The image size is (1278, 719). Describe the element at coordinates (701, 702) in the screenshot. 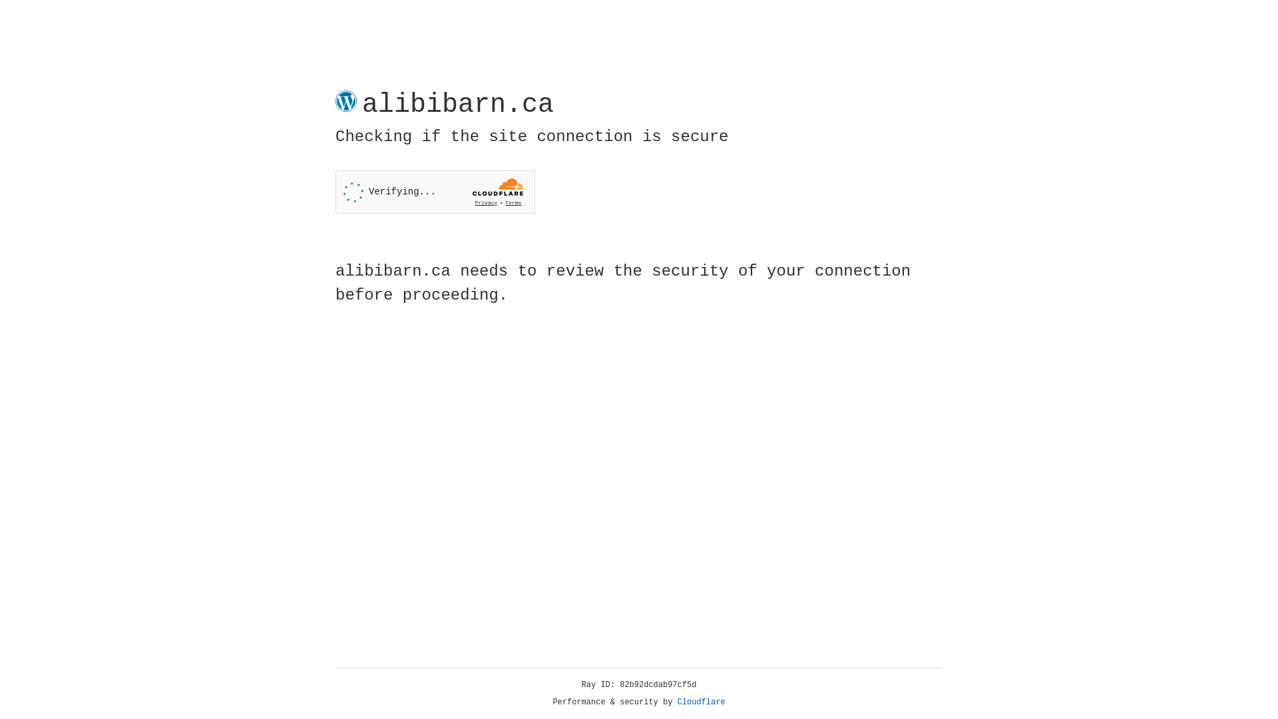

I see `'Cloudflare'` at that location.